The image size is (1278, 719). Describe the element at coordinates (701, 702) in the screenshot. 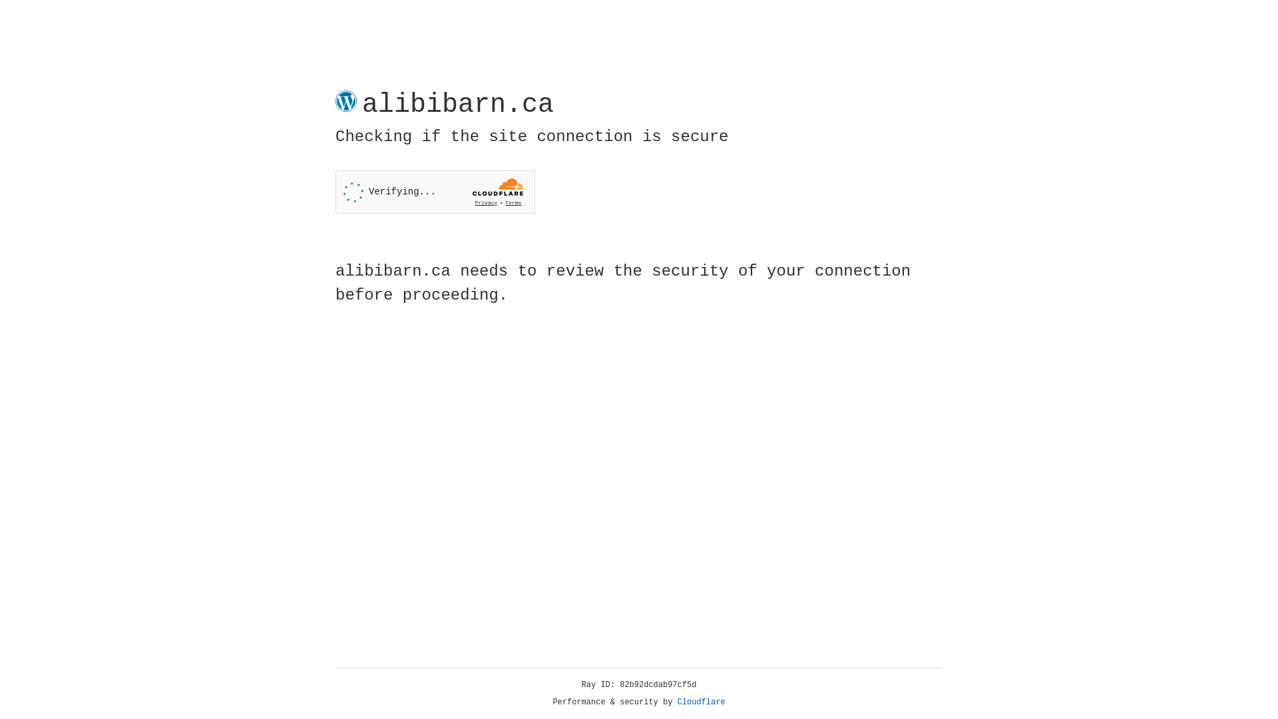

I see `'Cloudflare'` at that location.